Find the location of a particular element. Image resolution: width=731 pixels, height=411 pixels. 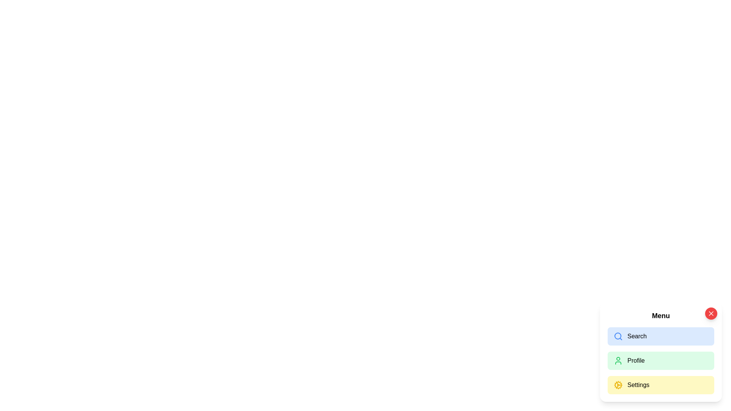

the close button located at the top-right corner of the menu card to change its color is located at coordinates (710, 314).